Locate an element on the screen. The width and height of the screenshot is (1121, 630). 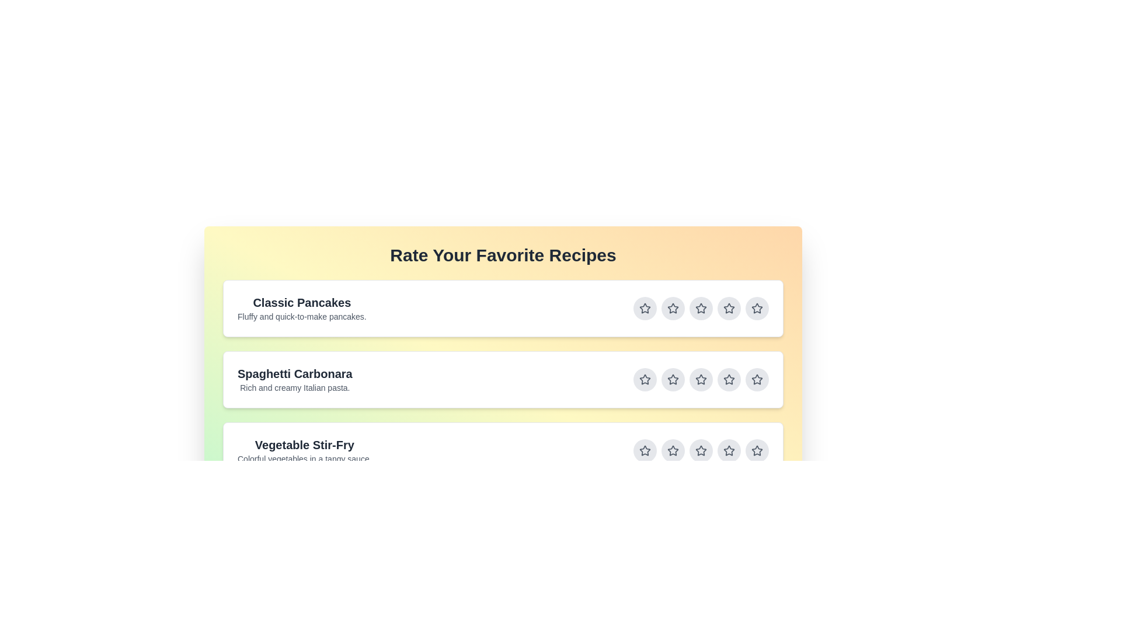
the star button for rating 5 of the recipe Vegetable Stir-Fry is located at coordinates (757, 450).